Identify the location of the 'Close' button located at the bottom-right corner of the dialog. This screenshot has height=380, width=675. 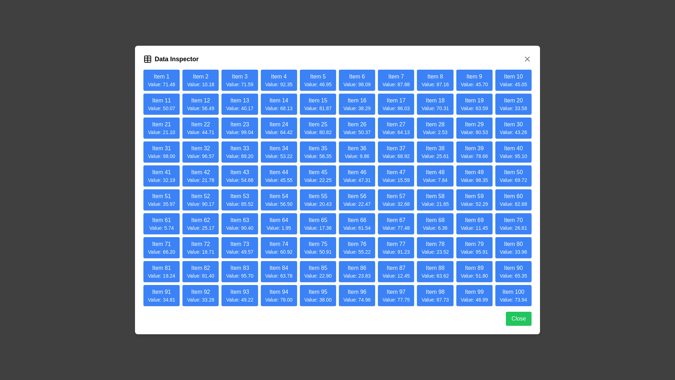
(518, 319).